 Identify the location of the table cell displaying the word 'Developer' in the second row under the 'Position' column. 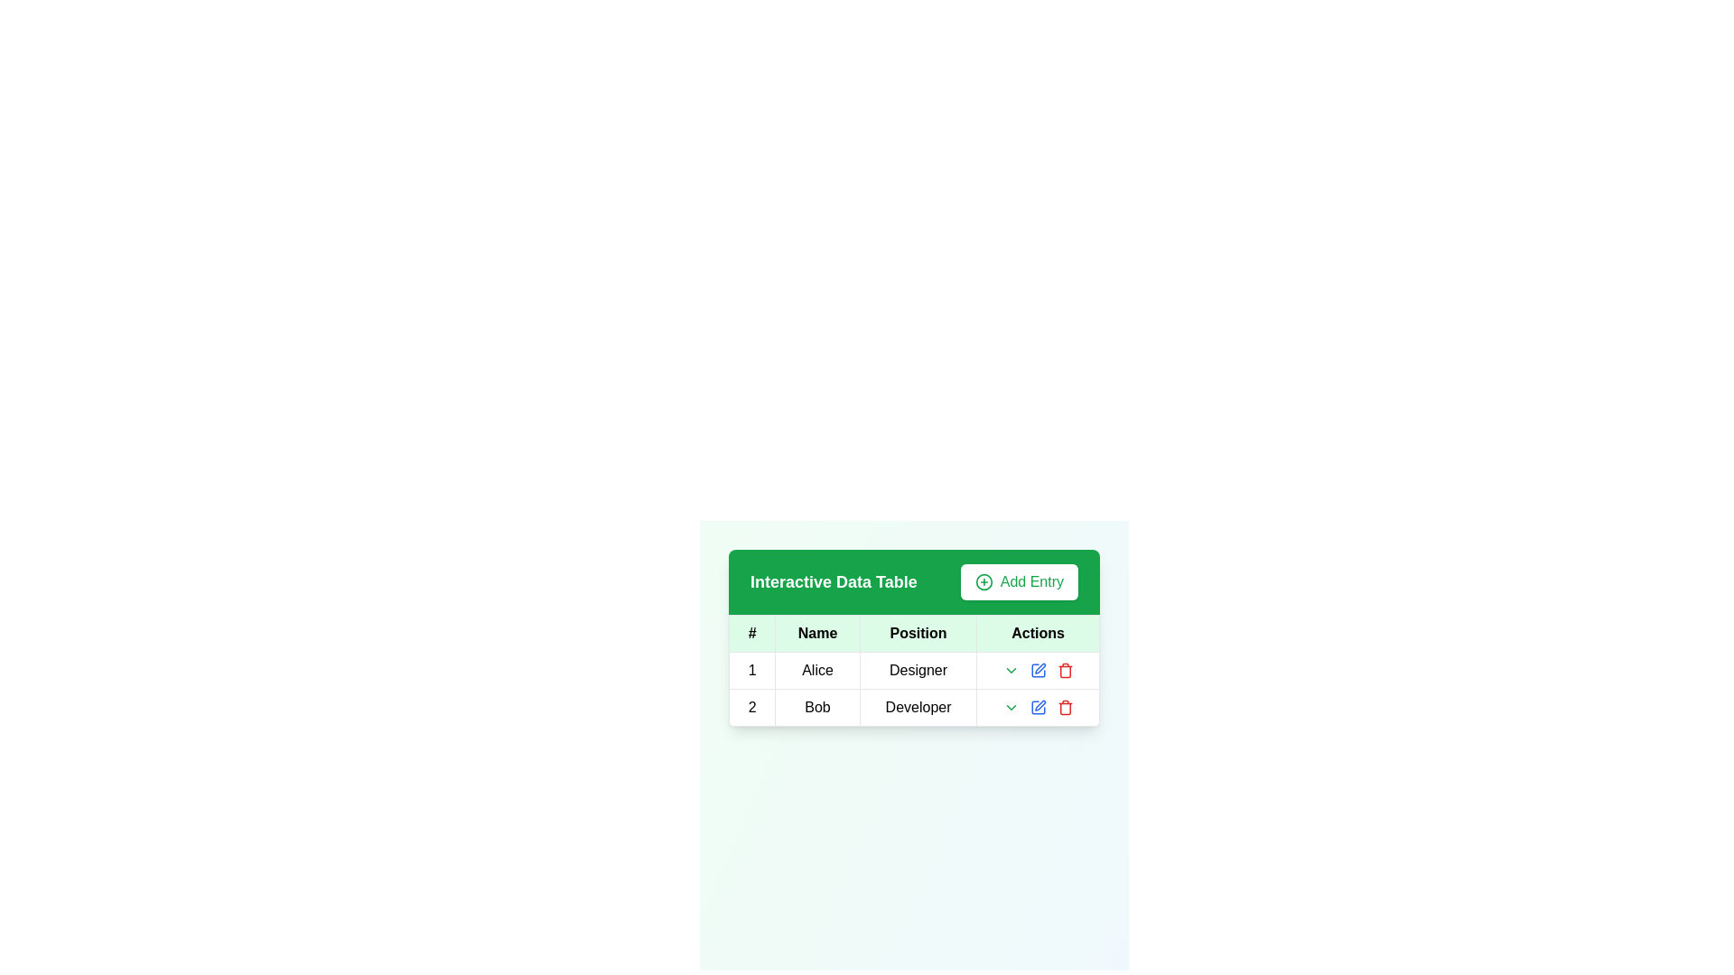
(918, 706).